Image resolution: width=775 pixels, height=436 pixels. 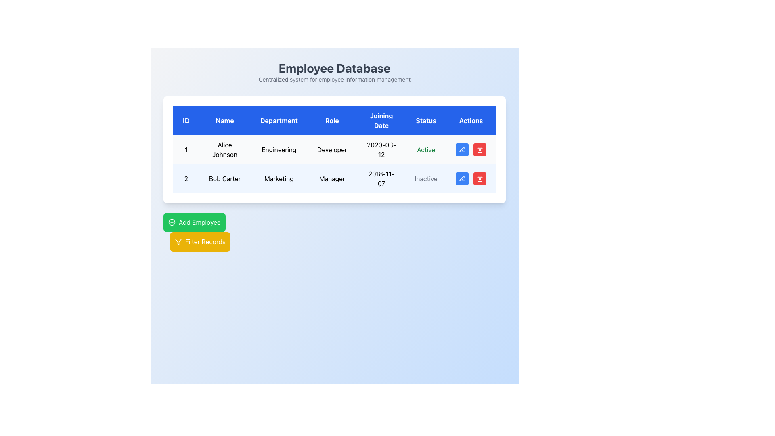 What do you see at coordinates (425, 149) in the screenshot?
I see `the text label indicating the current status of the employee, which shows that Alice Johnson is active, located under the 'Status' column in the first row of the table` at bounding box center [425, 149].